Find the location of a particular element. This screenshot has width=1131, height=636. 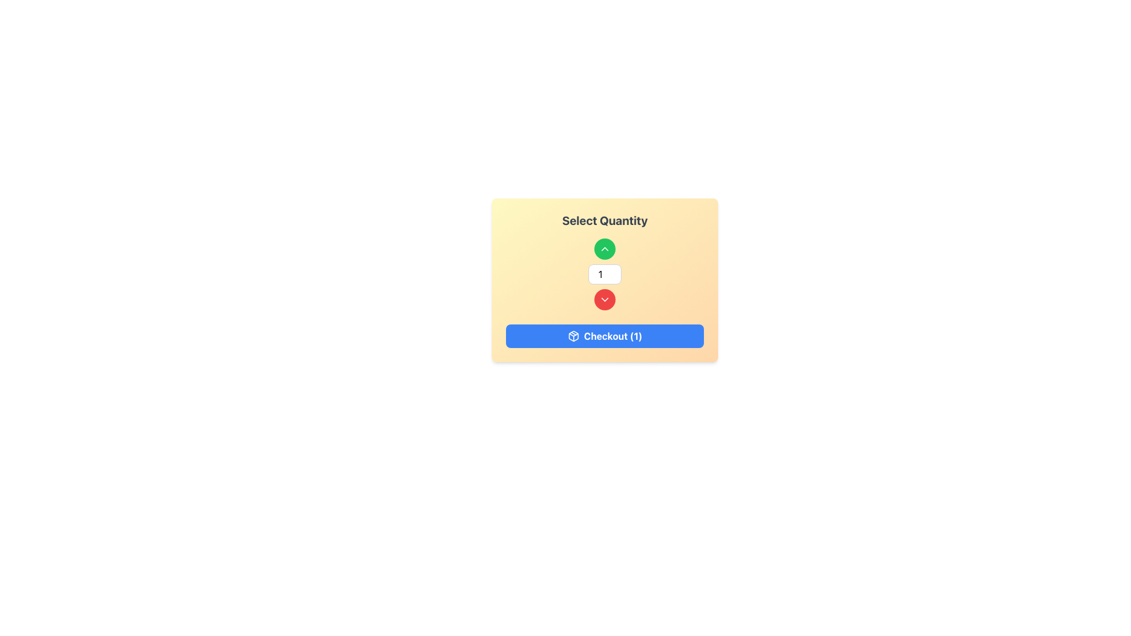

the 'Checkout (1)' button with a blue background and white text is located at coordinates (605, 336).